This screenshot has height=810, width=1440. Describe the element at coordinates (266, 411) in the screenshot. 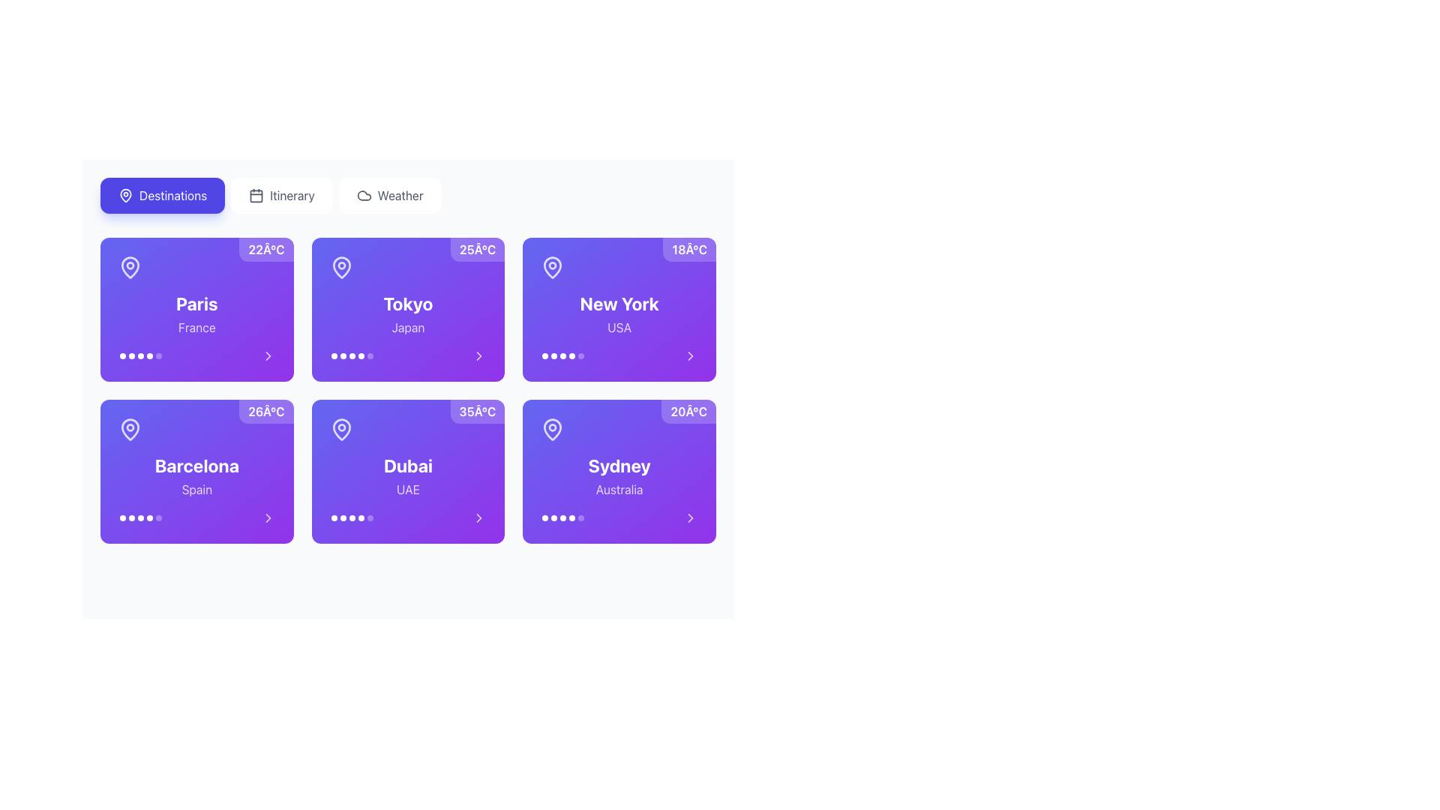

I see `the static text label displaying the temperature (26°C) for Barcelona located at the top-right corner of the card` at that location.